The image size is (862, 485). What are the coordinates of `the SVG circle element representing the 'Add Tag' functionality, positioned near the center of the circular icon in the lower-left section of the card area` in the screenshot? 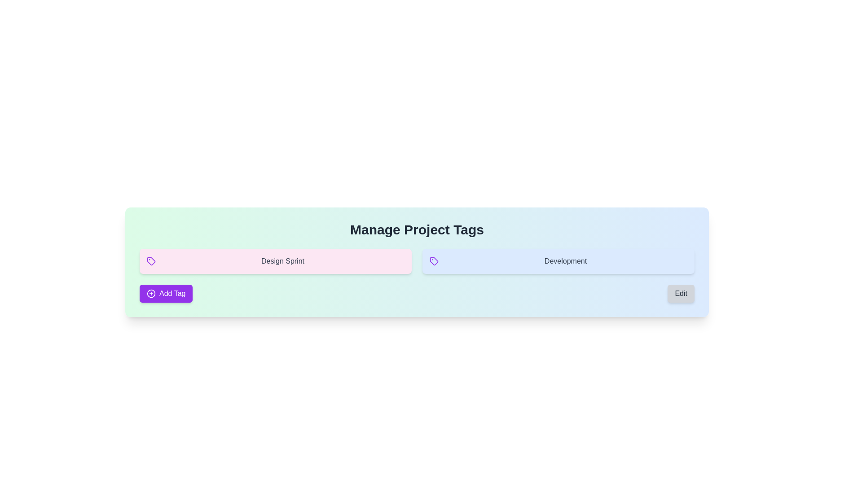 It's located at (151, 294).